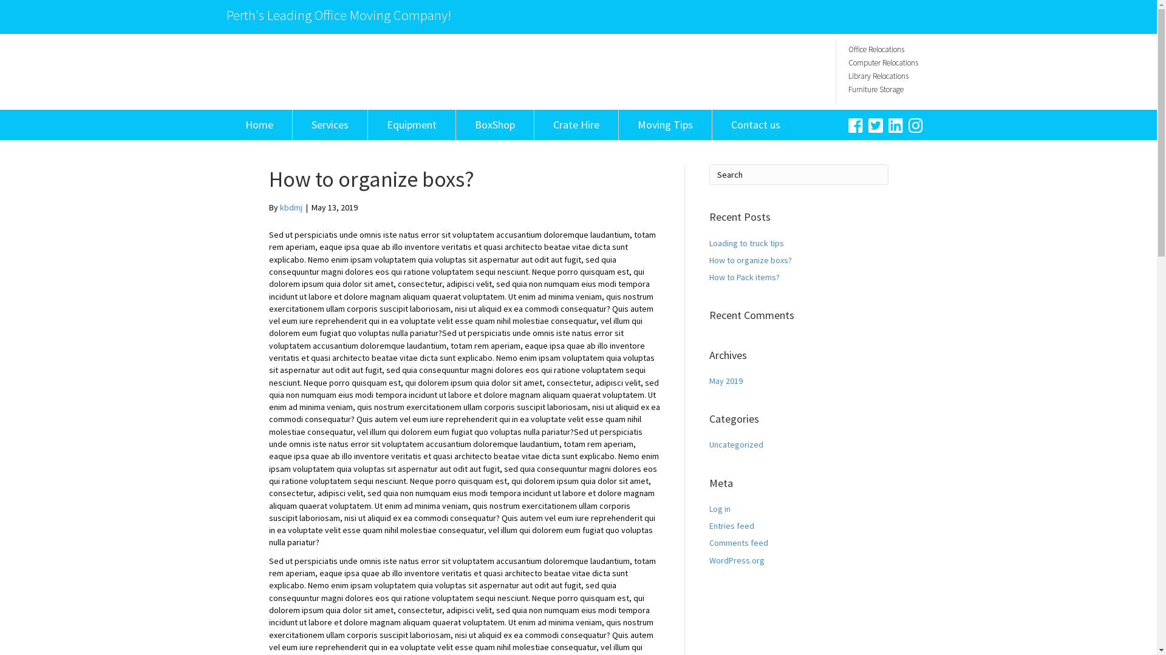  I want to click on 'How to Pack items?', so click(743, 277).